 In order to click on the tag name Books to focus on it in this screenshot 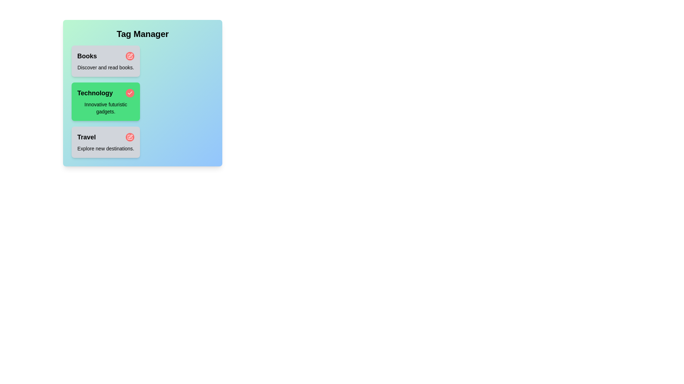, I will do `click(87, 56)`.